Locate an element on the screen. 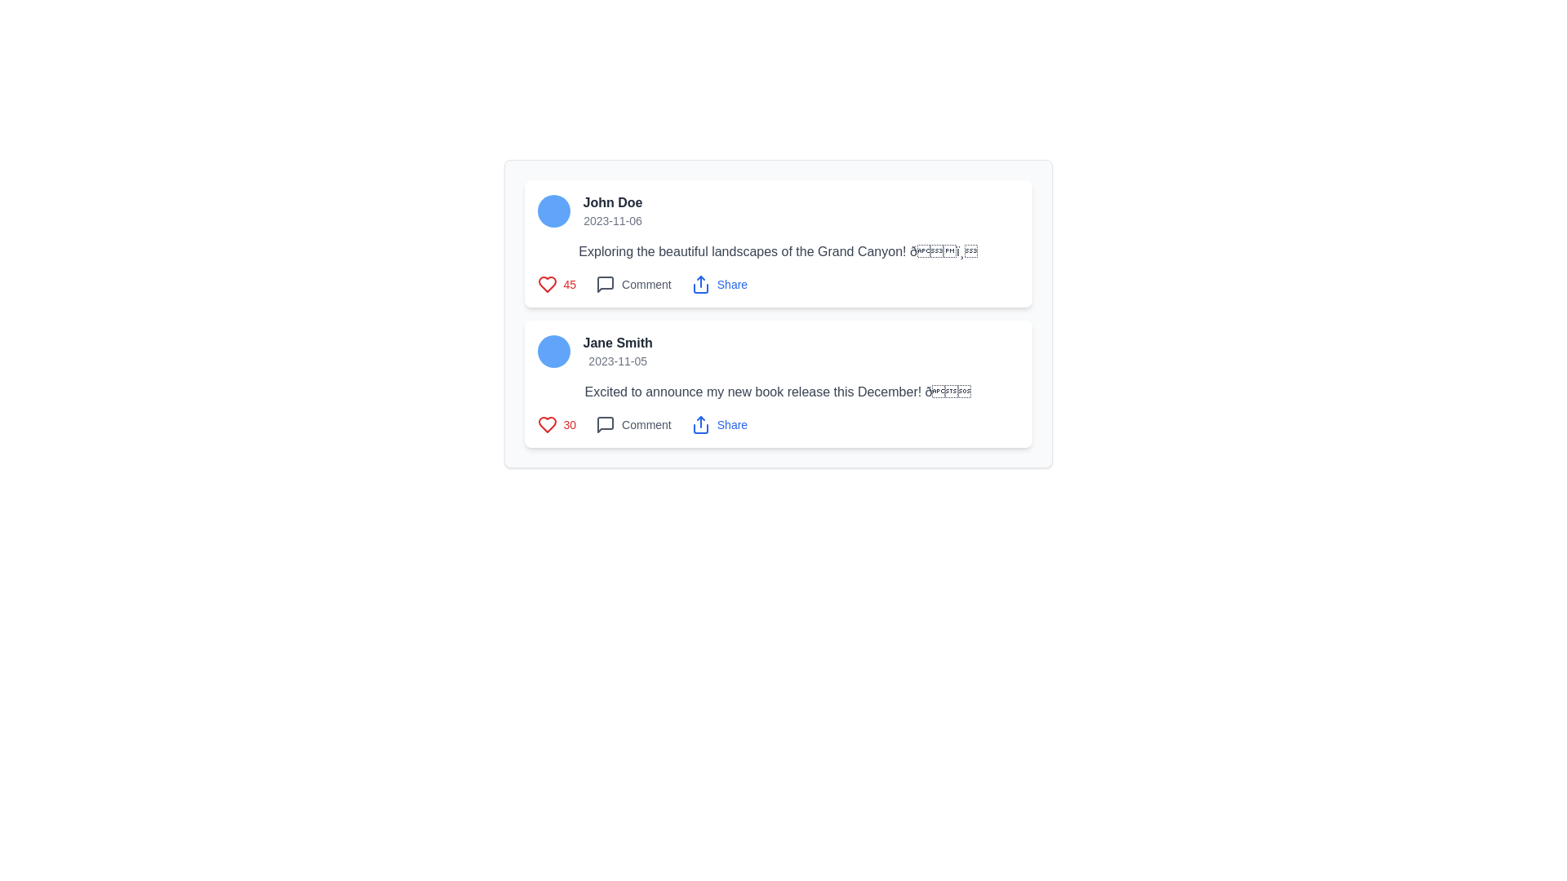 The image size is (1567, 881). the text label displaying 'Excited to announce my new book release this December! 📘' located in the second post panel, below the username 'Jane Smith' and date '2023-11-05' is located at coordinates (777, 392).